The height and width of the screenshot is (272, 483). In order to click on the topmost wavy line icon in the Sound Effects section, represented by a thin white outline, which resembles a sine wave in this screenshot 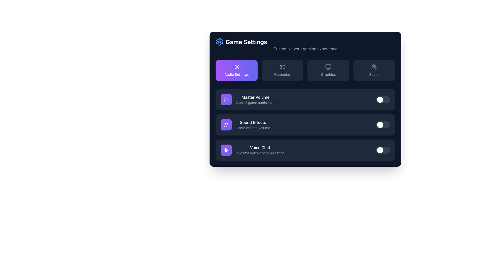, I will do `click(226, 123)`.